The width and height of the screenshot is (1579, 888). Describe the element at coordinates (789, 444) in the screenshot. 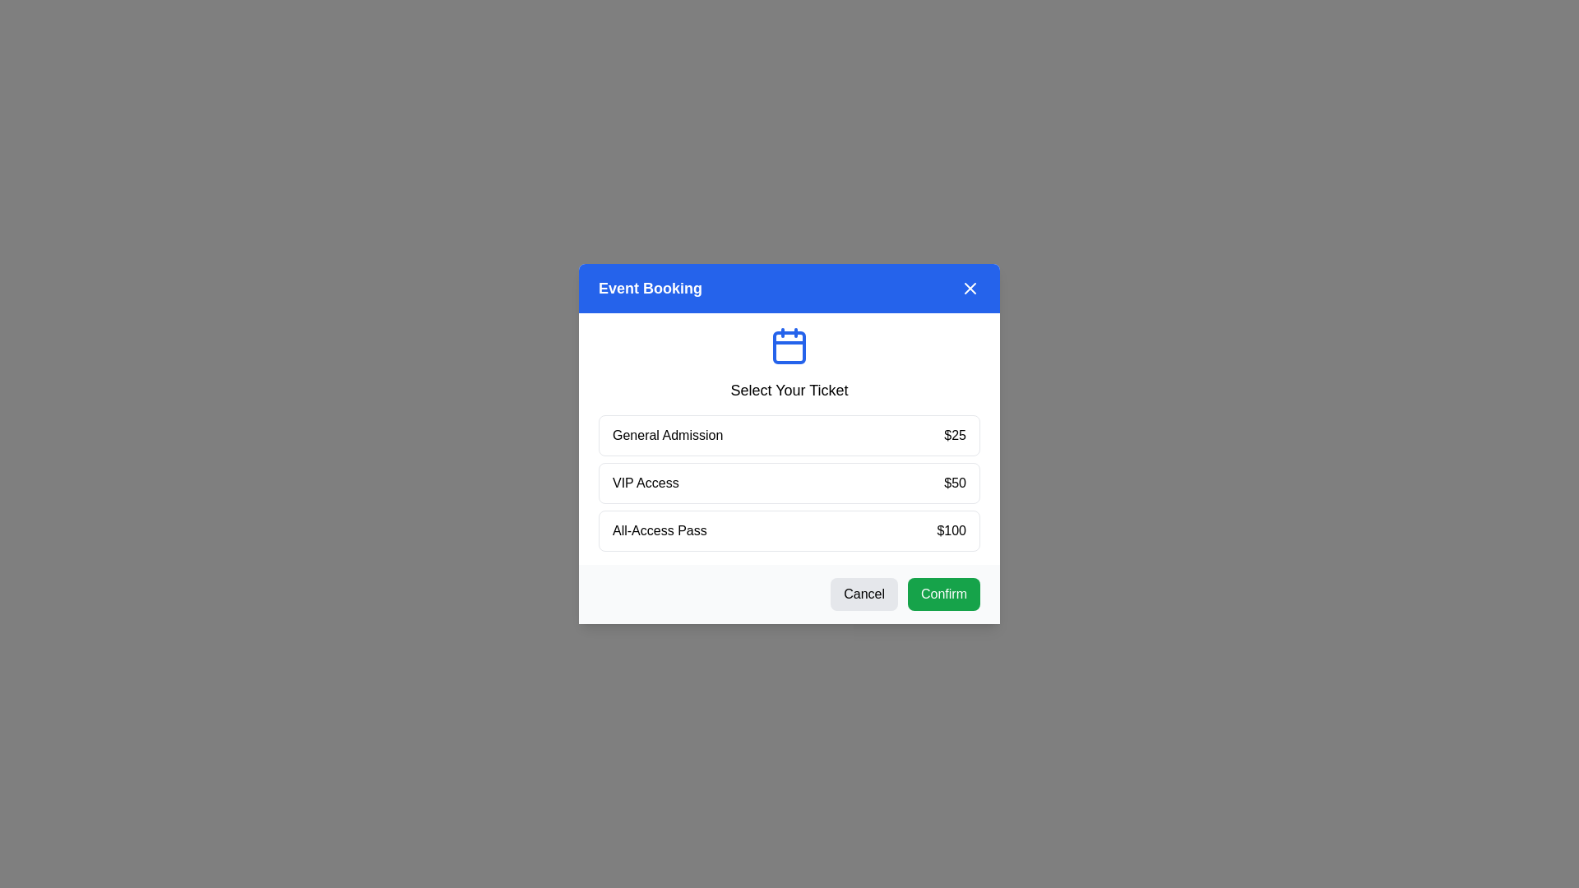

I see `the 'General Admission' selectable card in the 'Event Booking' dialog box` at that location.